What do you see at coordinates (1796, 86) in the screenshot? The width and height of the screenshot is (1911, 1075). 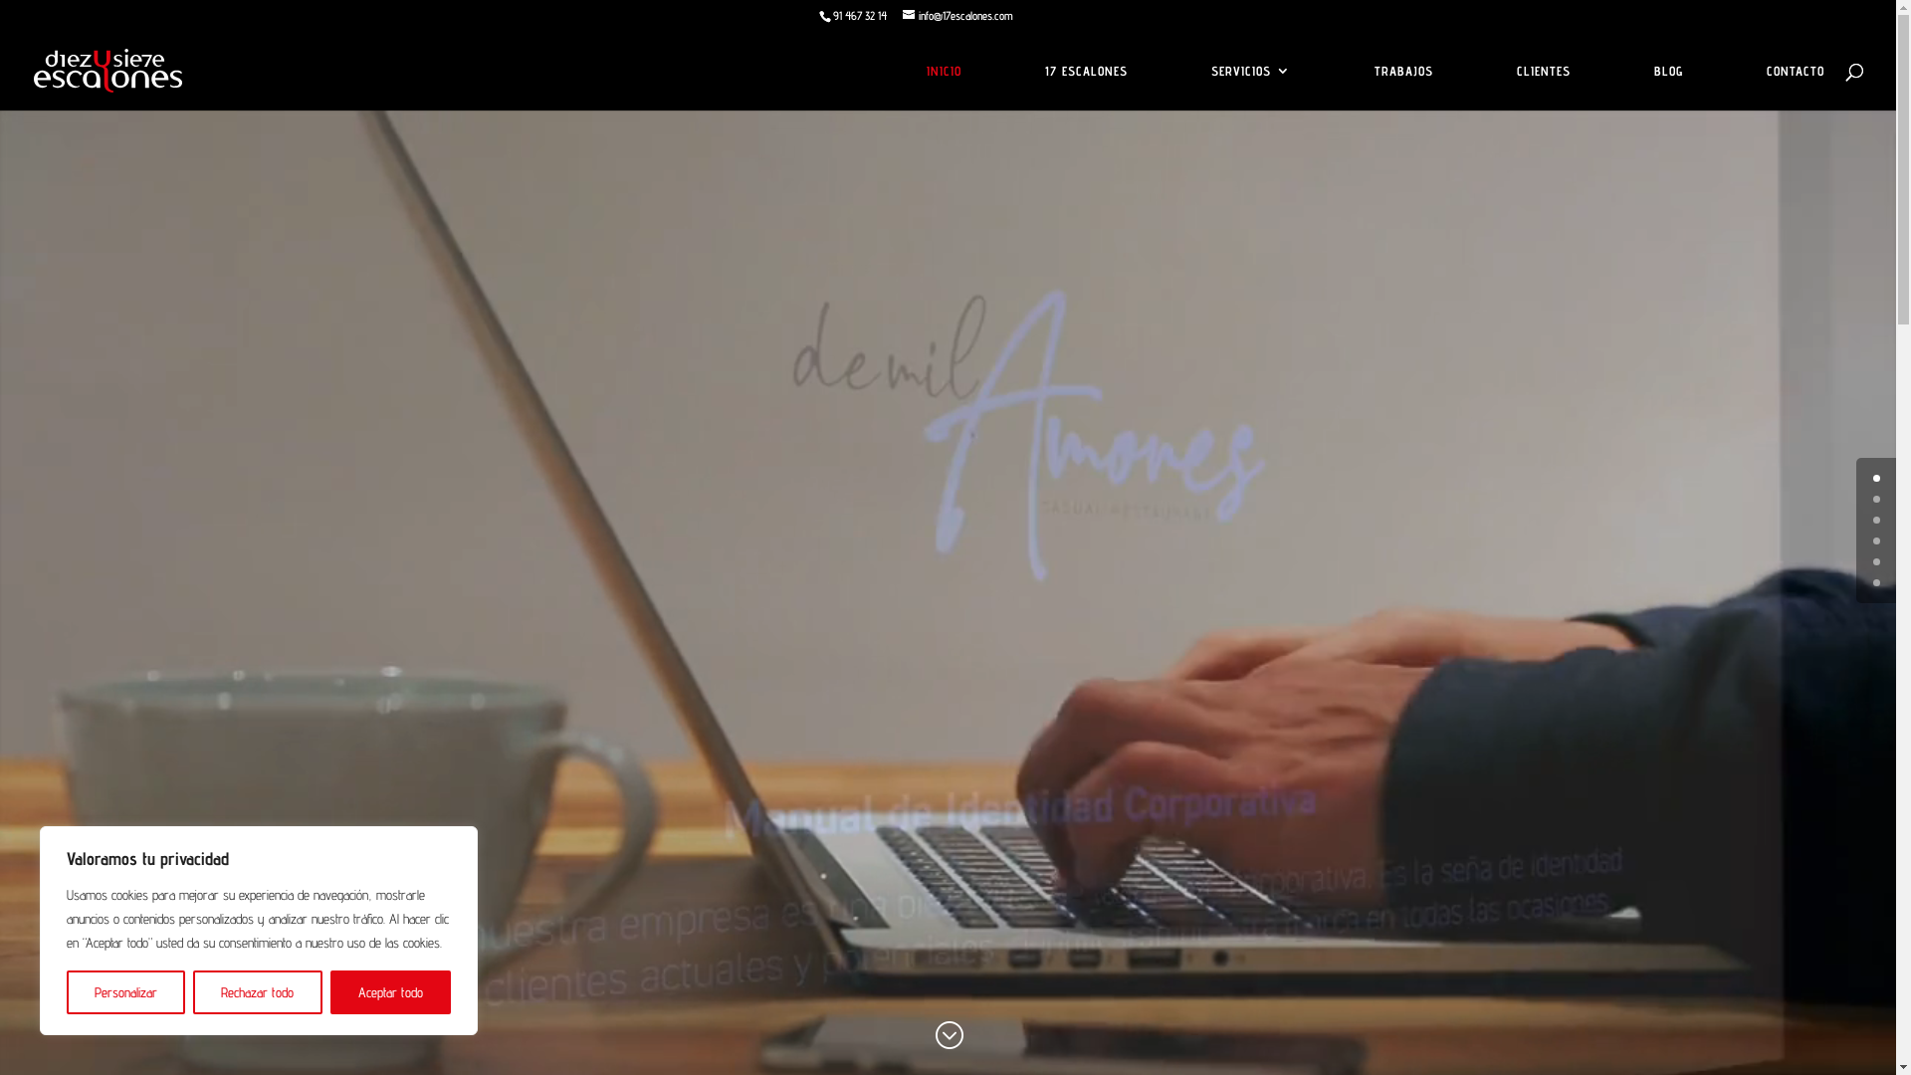 I see `'CONTACTO'` at bounding box center [1796, 86].